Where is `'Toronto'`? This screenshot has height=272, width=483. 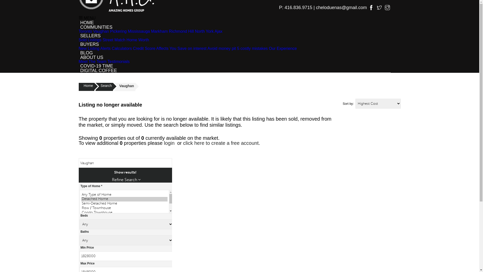
'Toronto' is located at coordinates (78, 31).